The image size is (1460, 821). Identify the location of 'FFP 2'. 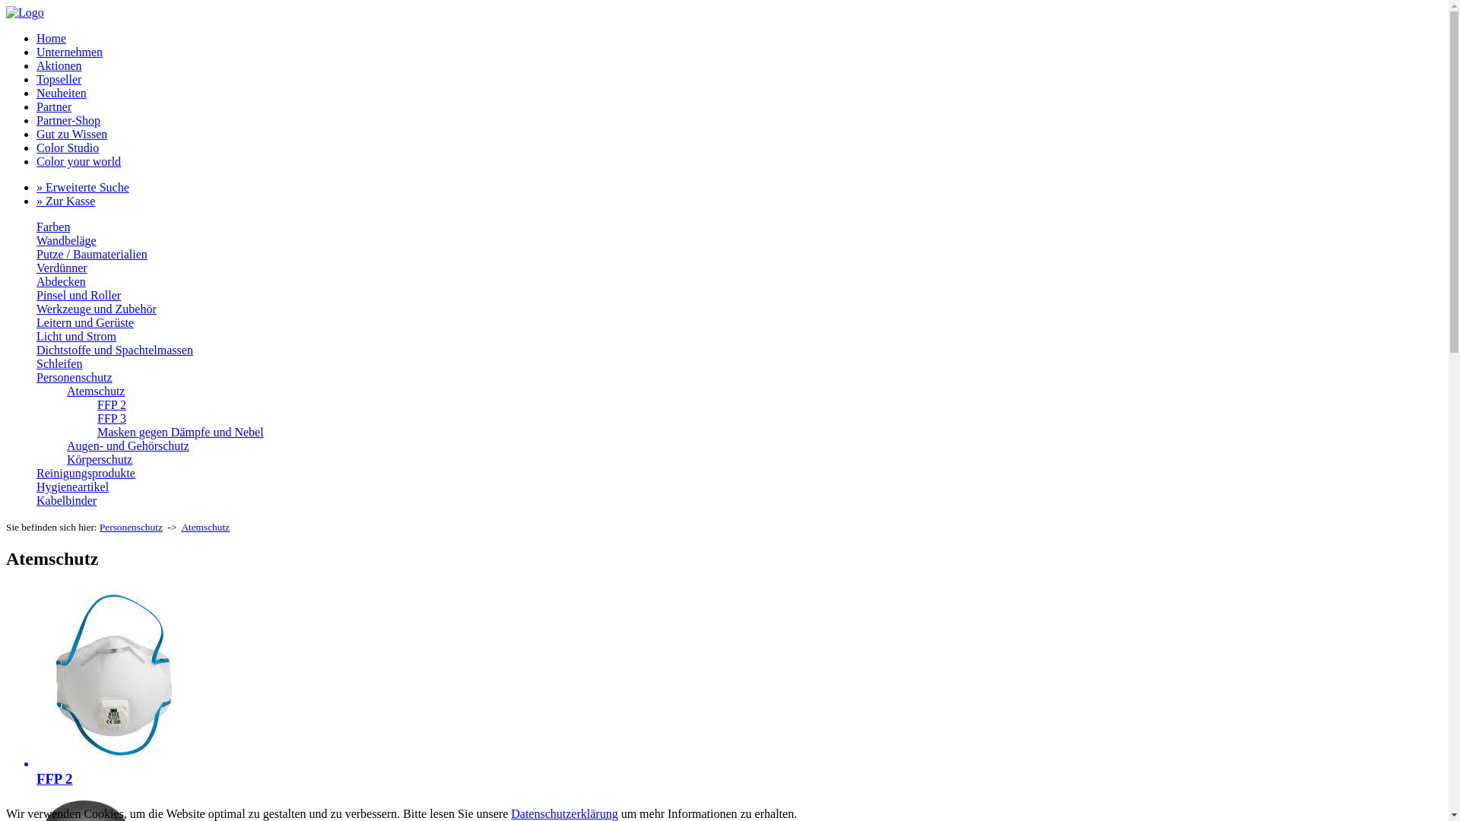
(111, 404).